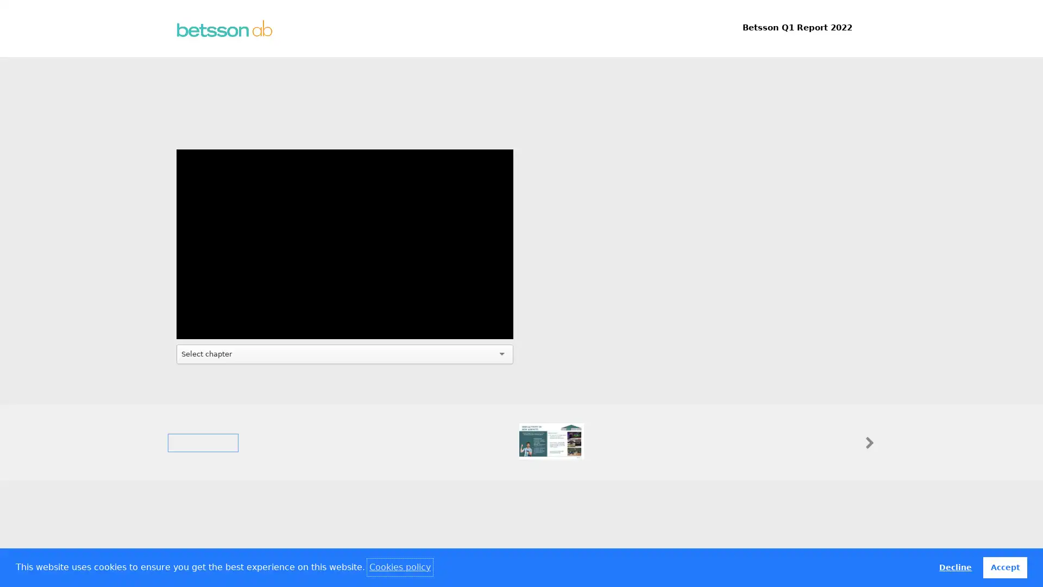 Image resolution: width=1043 pixels, height=587 pixels. What do you see at coordinates (1004, 567) in the screenshot?
I see `allow cookies` at bounding box center [1004, 567].